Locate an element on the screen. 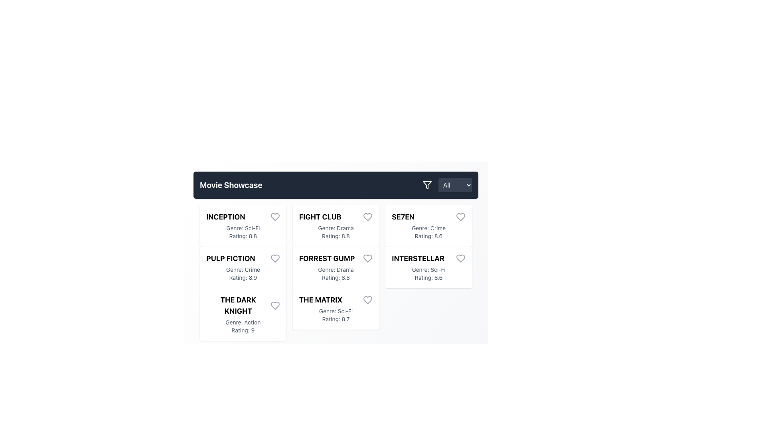 The image size is (766, 431). the heart-shaped icon representing the 'favorite' function for the movie 'Forrest Gump' to trigger the hover effect is located at coordinates (367, 259).